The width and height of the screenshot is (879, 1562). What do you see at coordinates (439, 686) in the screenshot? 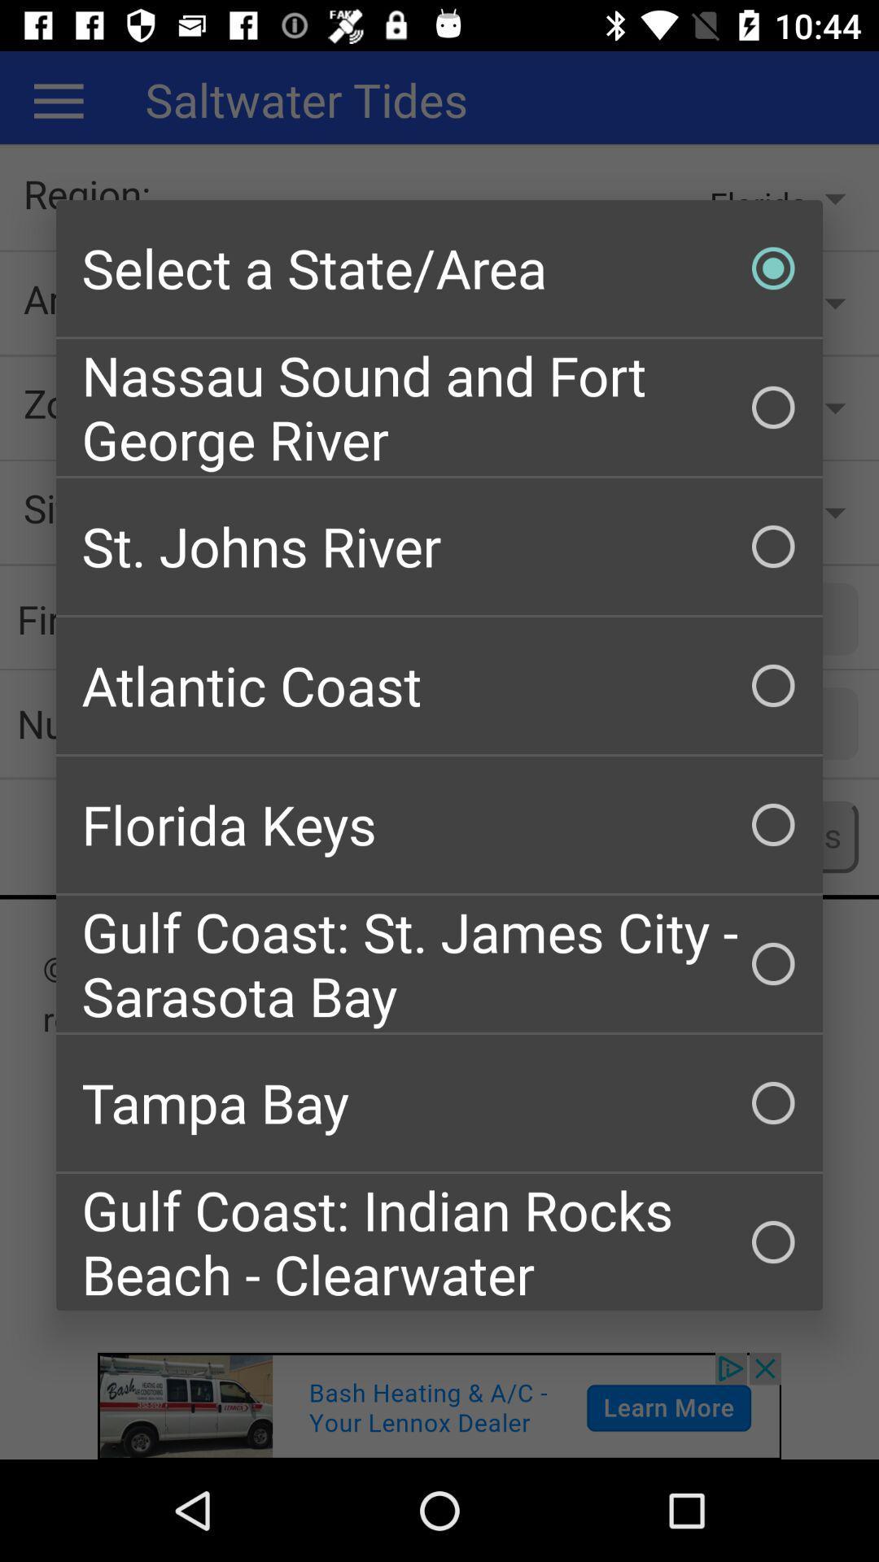
I see `the icon below st. johns river icon` at bounding box center [439, 686].